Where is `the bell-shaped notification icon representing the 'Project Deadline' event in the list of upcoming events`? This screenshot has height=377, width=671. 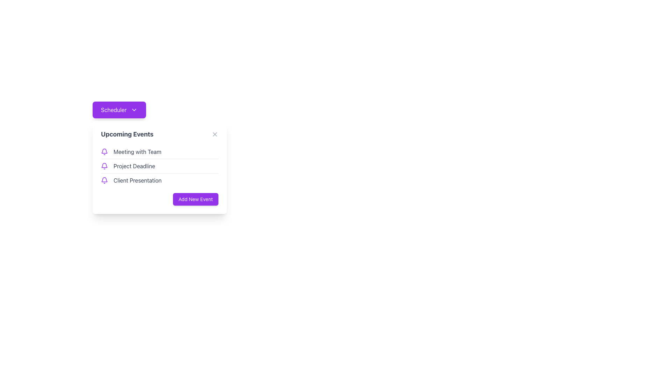
the bell-shaped notification icon representing the 'Project Deadline' event in the list of upcoming events is located at coordinates (104, 165).